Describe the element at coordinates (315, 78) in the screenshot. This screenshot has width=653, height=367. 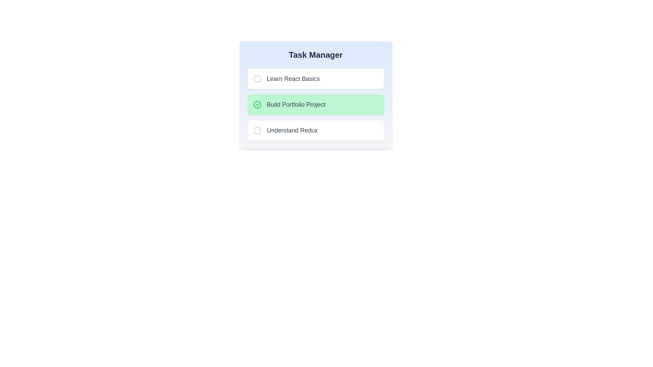
I see `the task named Learn React Basics to toggle its completion status` at that location.